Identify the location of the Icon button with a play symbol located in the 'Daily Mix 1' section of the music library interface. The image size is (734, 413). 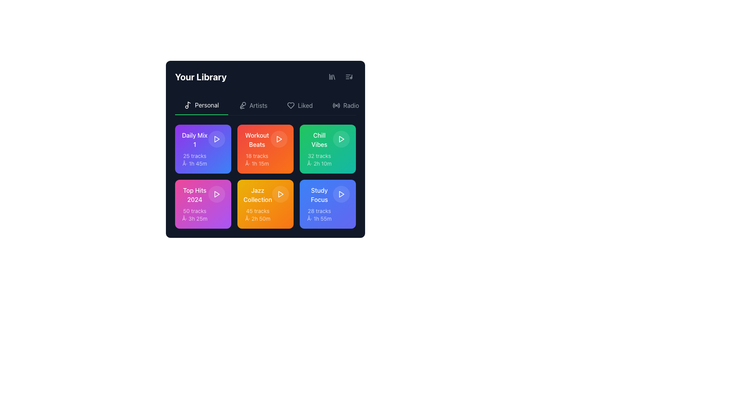
(216, 139).